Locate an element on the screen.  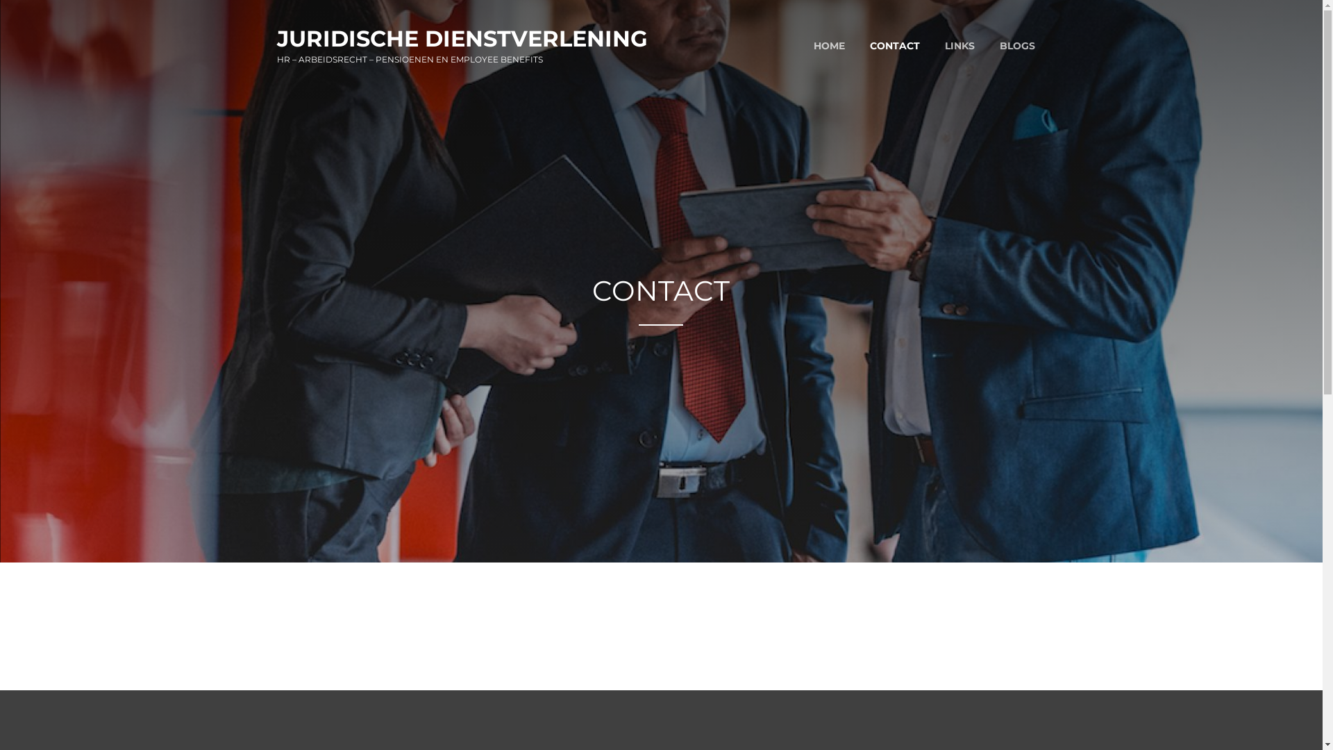
'LINKS' is located at coordinates (958, 45).